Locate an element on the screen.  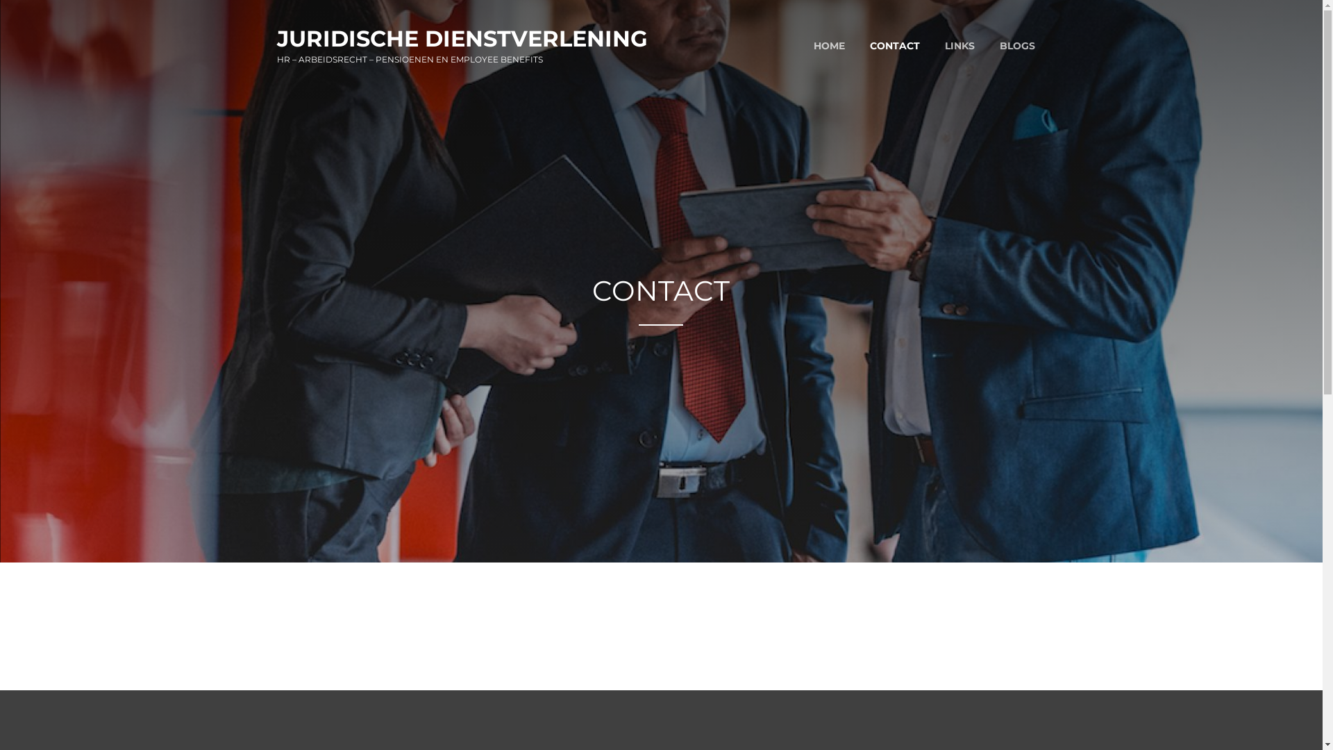
'LINKS' is located at coordinates (958, 45).